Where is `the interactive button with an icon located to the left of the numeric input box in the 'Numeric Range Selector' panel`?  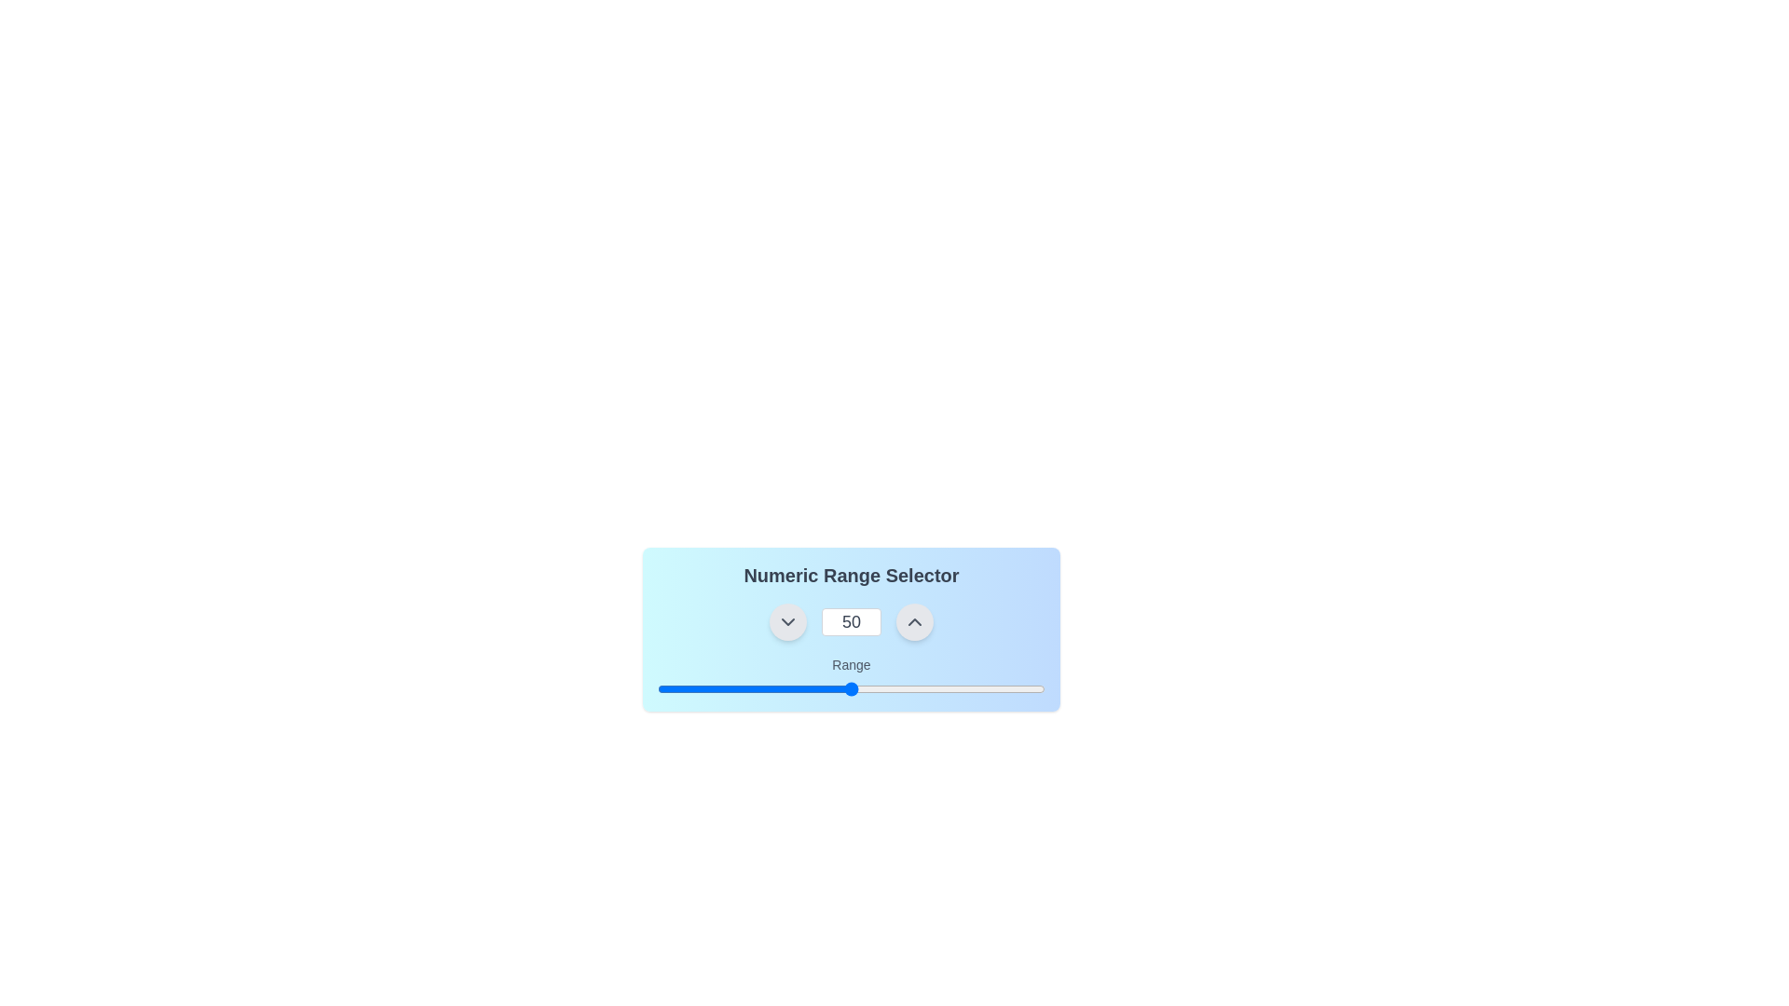
the interactive button with an icon located to the left of the numeric input box in the 'Numeric Range Selector' panel is located at coordinates (787, 621).